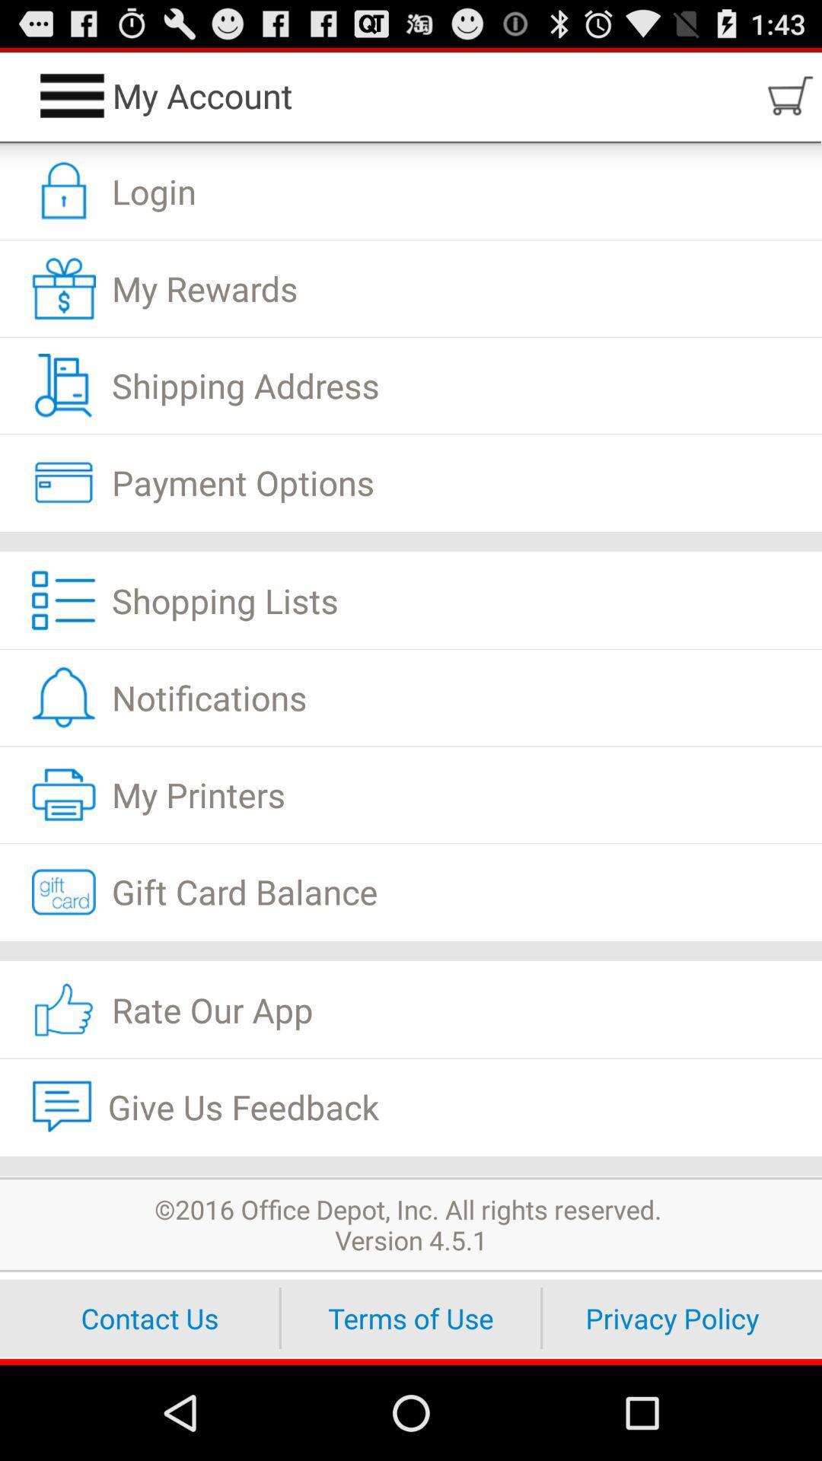 The width and height of the screenshot is (822, 1461). I want to click on icon at the bottom right corner, so click(671, 1317).